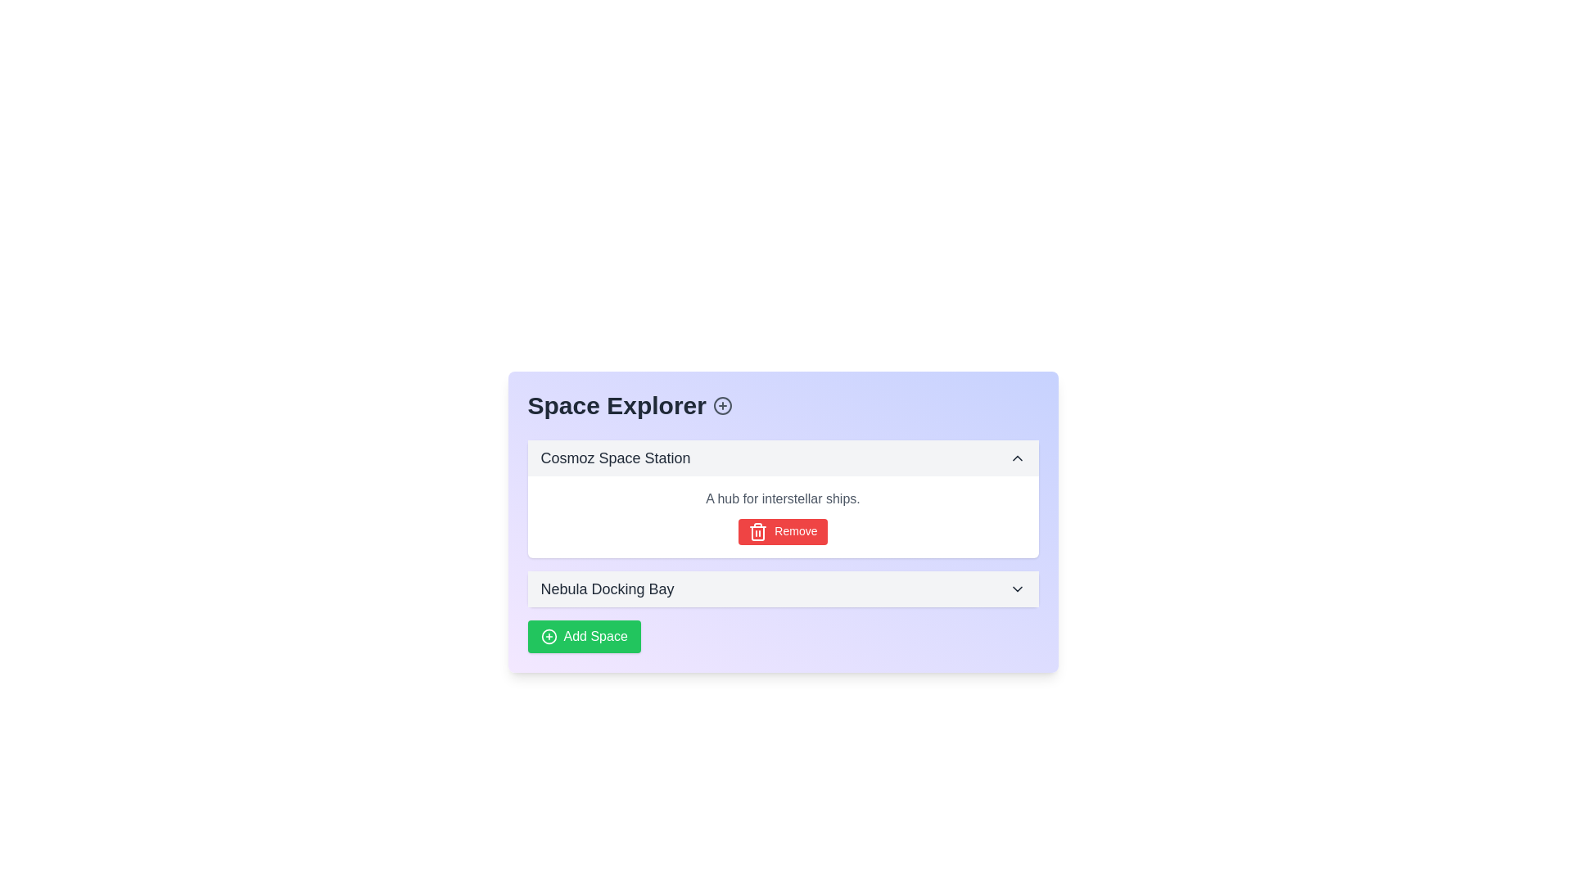 This screenshot has width=1572, height=884. Describe the element at coordinates (722, 405) in the screenshot. I see `the circular '+' button located to the right of the 'Space Explorer' heading in the panel` at that location.